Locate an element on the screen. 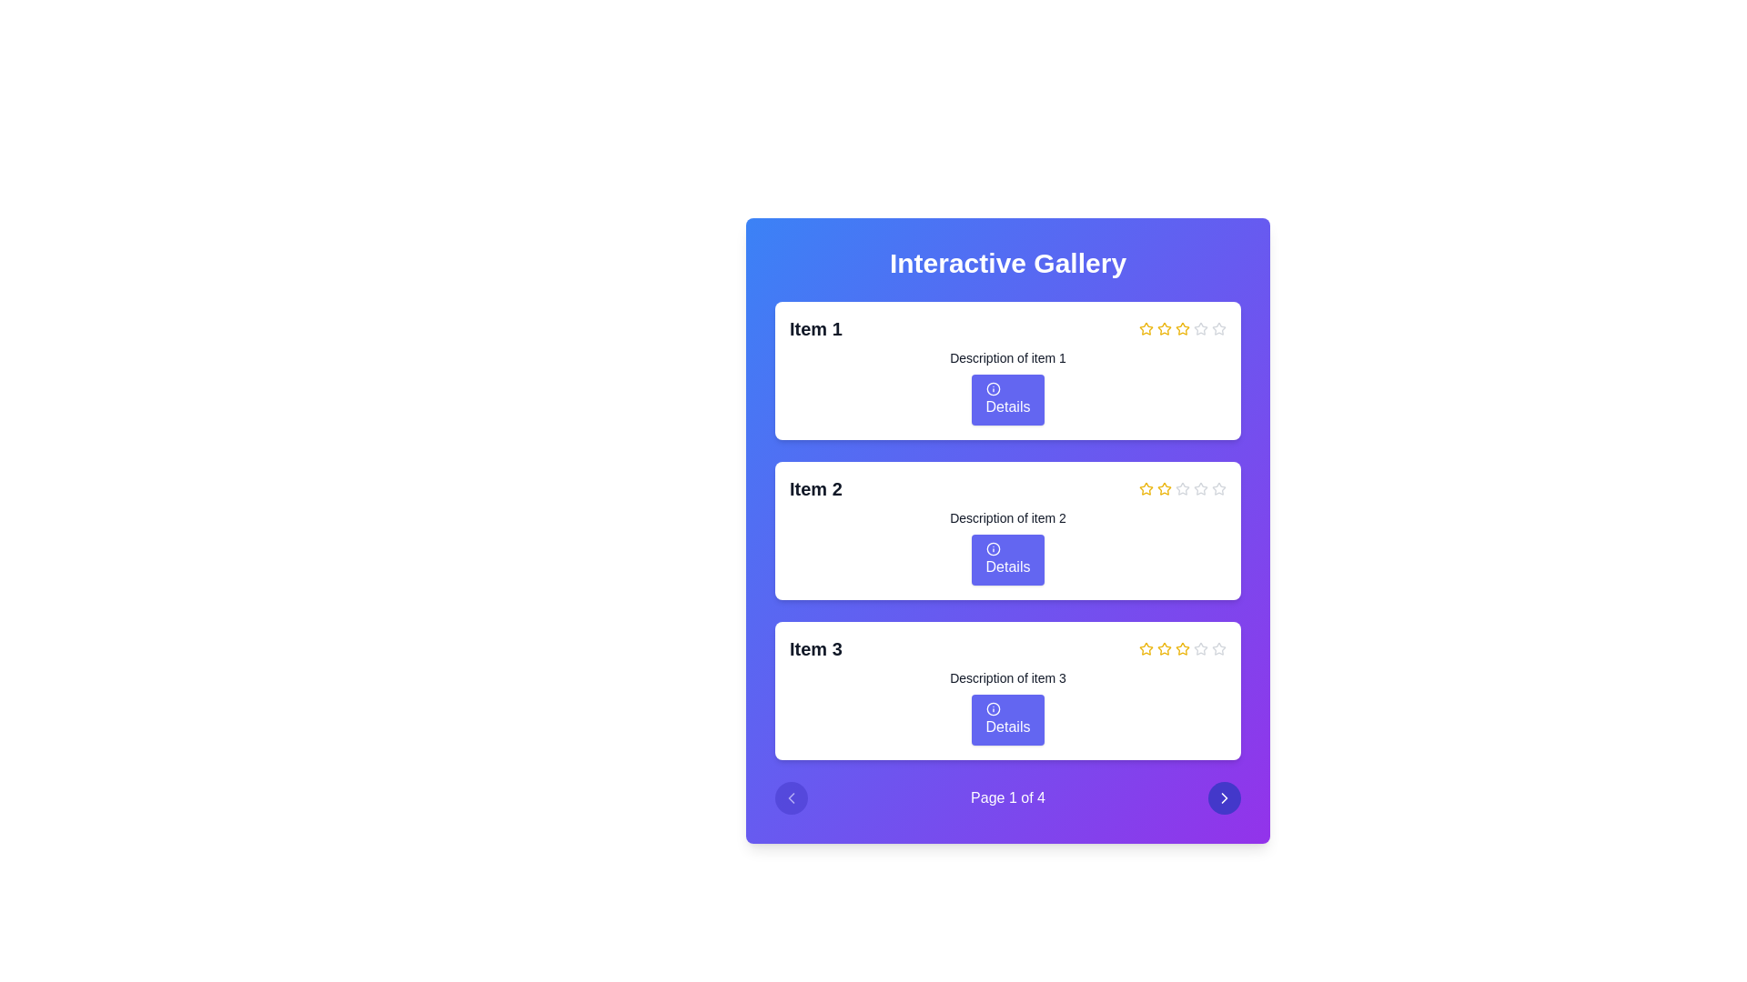 This screenshot has height=982, width=1747. the button located in the bottom-right corner of the first item card is located at coordinates (1007, 398).